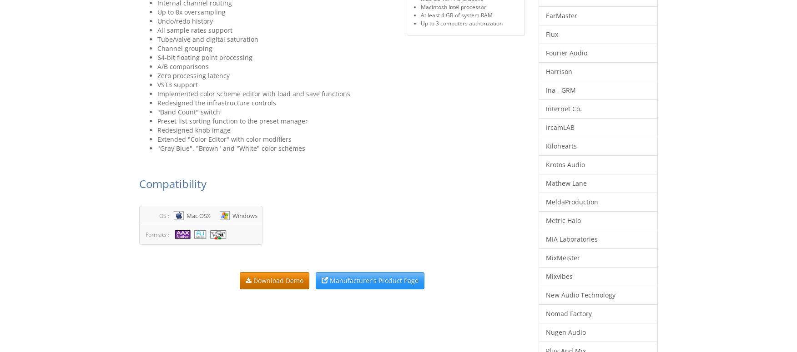 This screenshot has width=797, height=352. Describe the element at coordinates (571, 202) in the screenshot. I see `'MeldaProduction'` at that location.